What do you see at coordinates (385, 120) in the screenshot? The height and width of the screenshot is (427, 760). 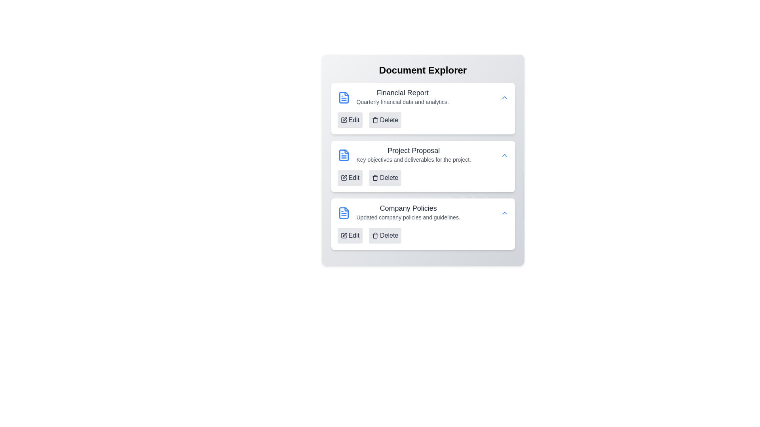 I see `'Delete' button for the document titled 'Financial Report'` at bounding box center [385, 120].